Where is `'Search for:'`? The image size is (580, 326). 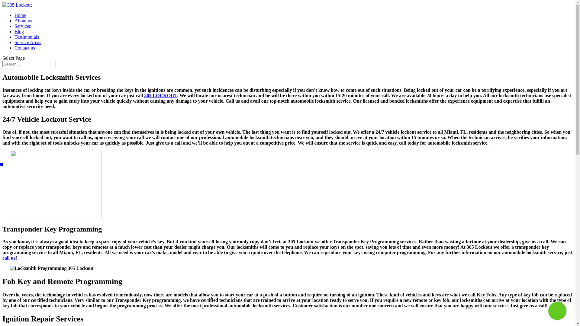 'Search for:' is located at coordinates (2, 64).